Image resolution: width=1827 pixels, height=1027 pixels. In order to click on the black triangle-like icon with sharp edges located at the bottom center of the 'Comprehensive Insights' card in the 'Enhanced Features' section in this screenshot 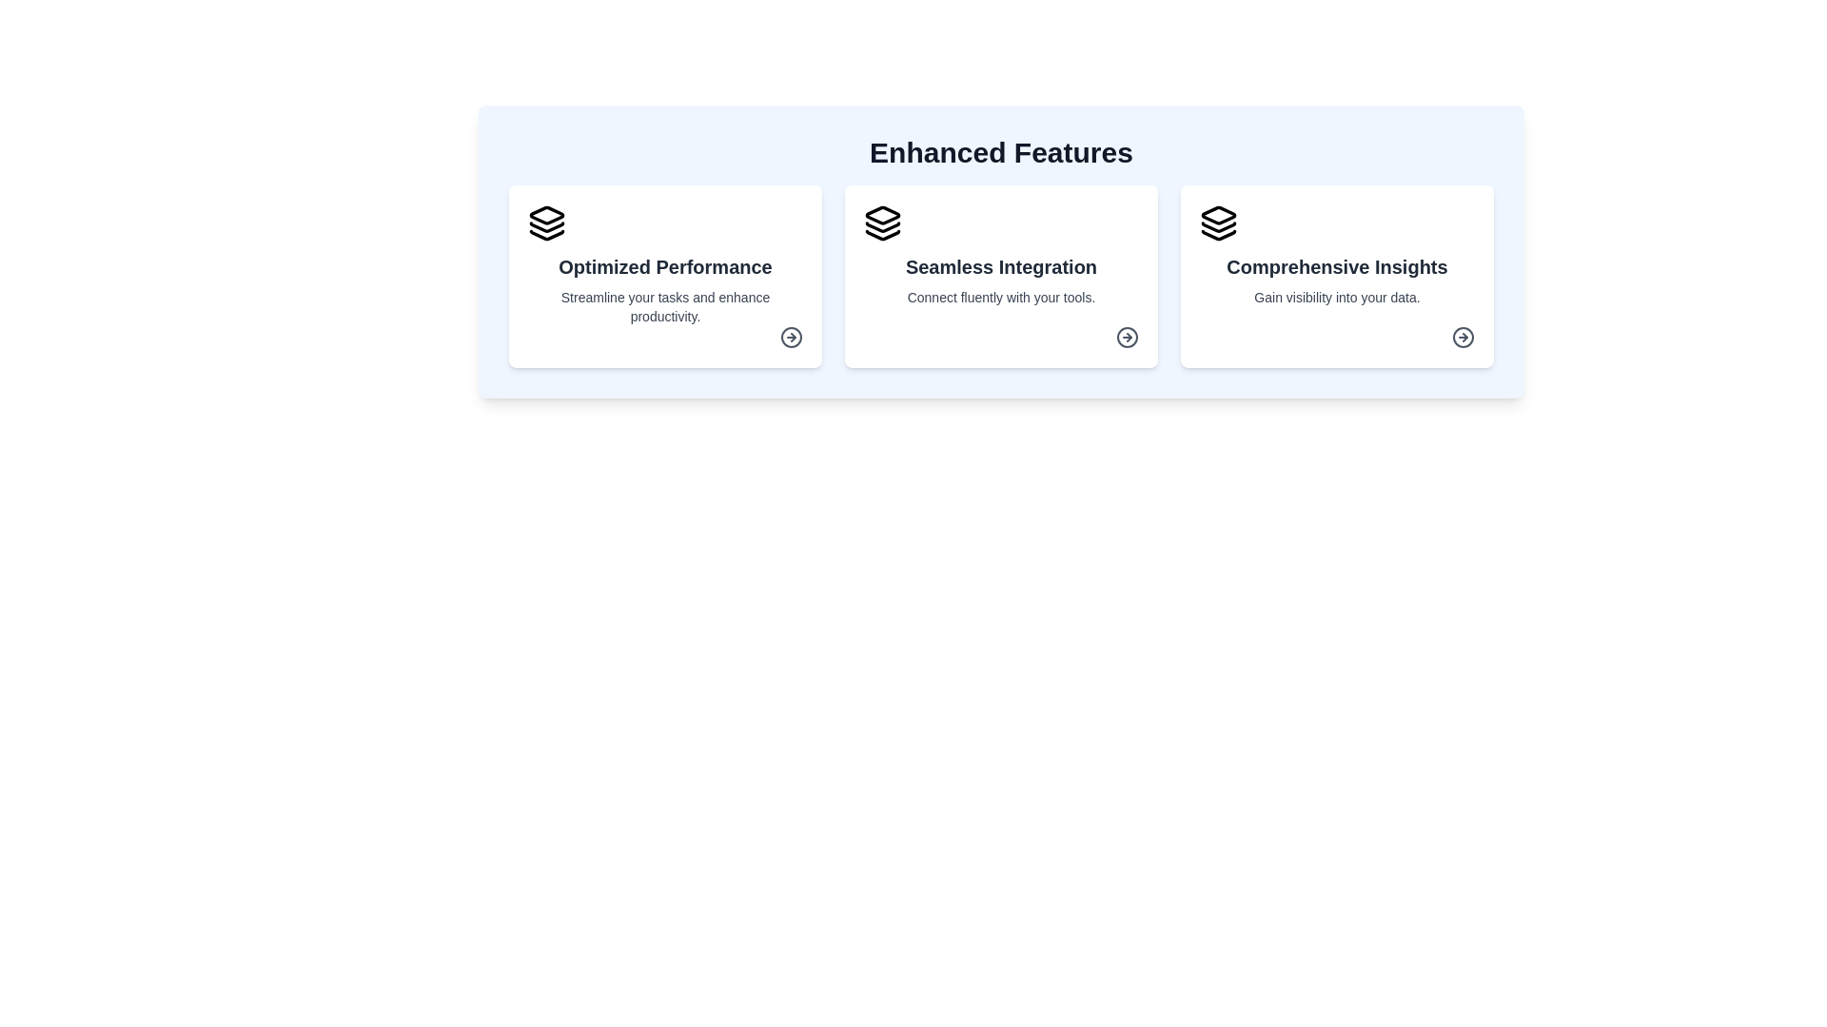, I will do `click(1219, 234)`.